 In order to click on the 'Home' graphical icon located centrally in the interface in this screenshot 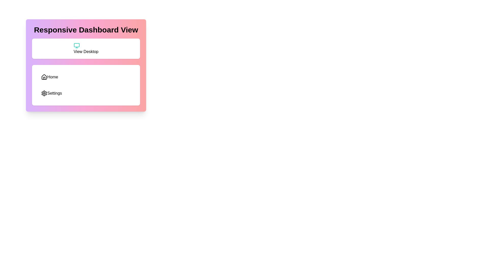, I will do `click(44, 77)`.